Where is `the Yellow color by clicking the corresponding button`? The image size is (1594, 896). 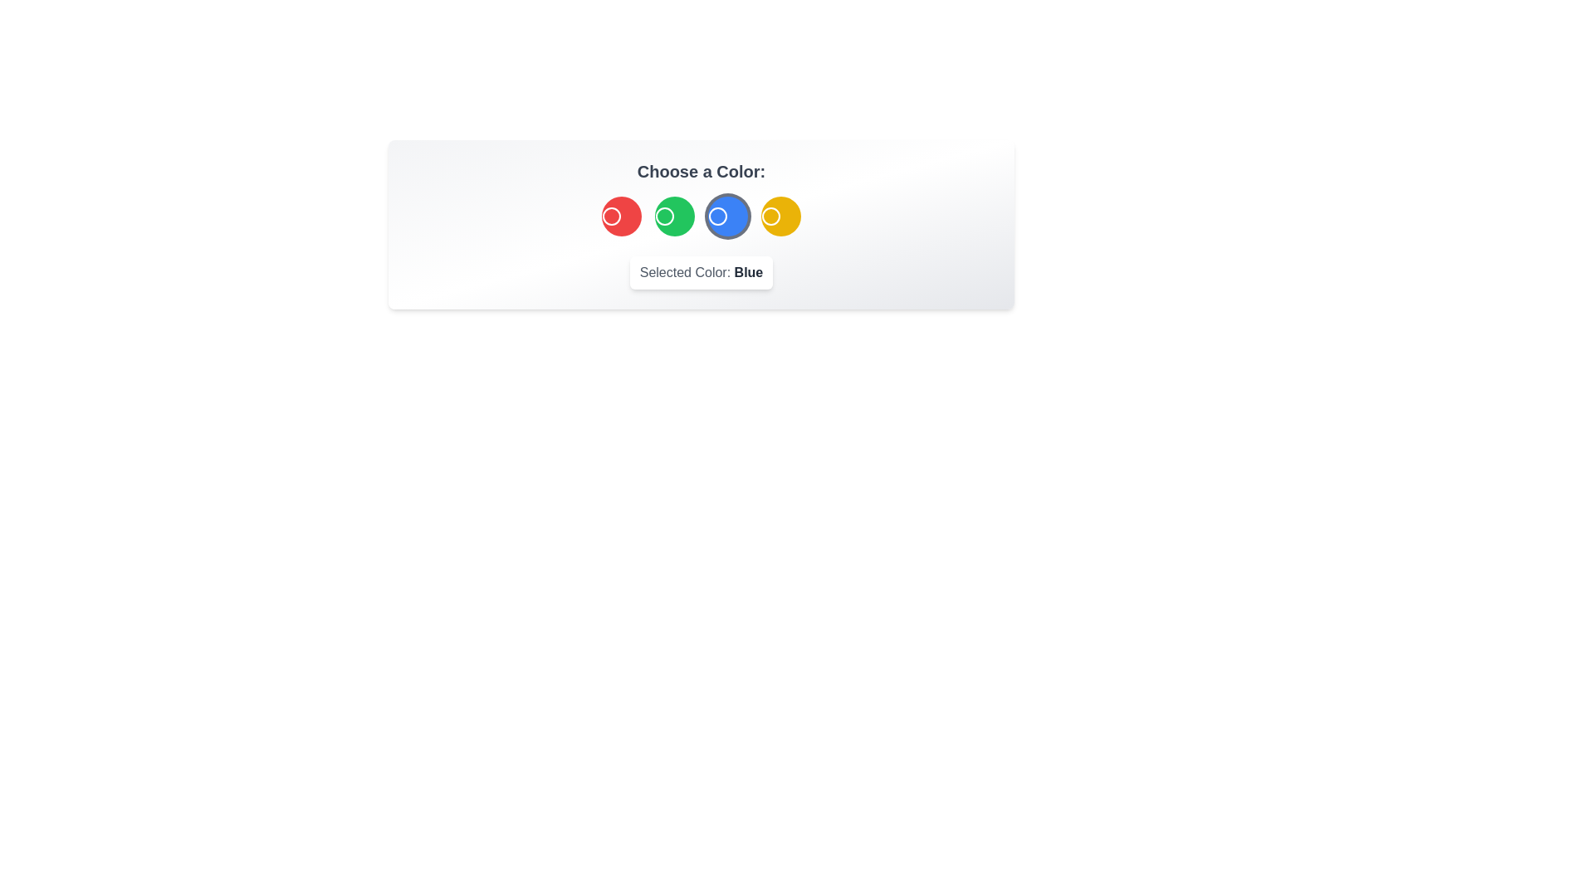
the Yellow color by clicking the corresponding button is located at coordinates (780, 216).